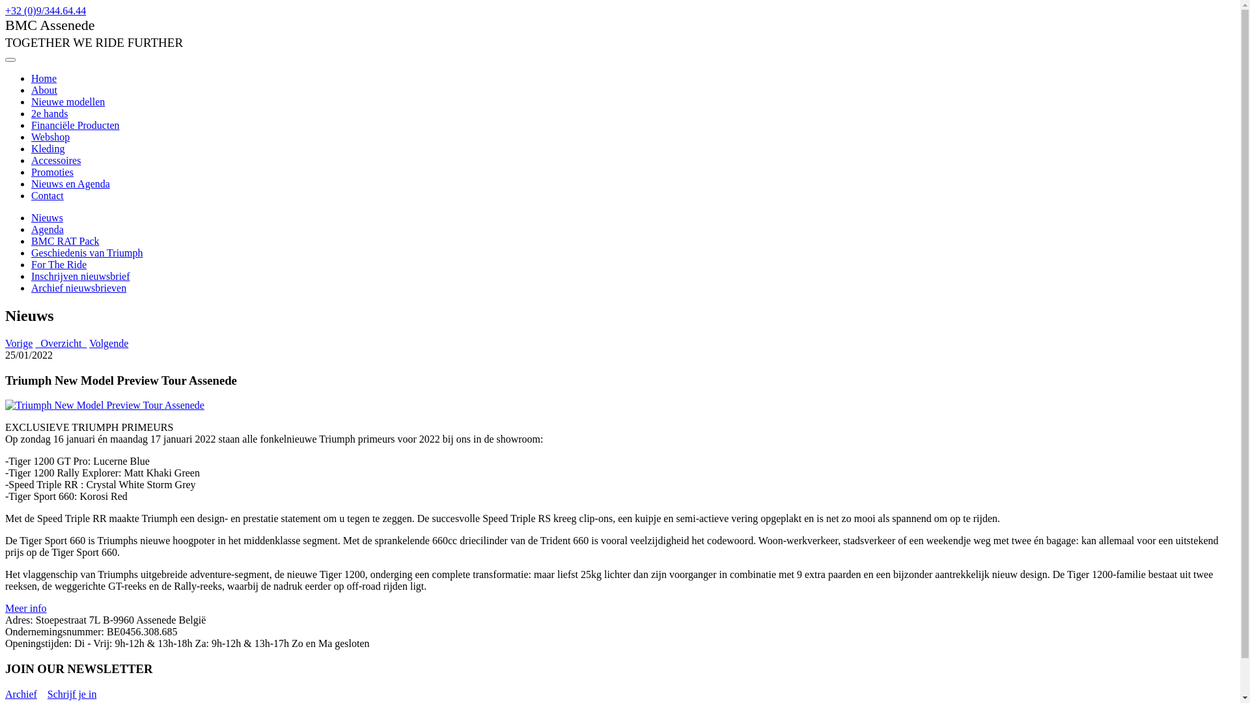  Describe the element at coordinates (77, 287) in the screenshot. I see `'Archief nieuwsbrieven'` at that location.